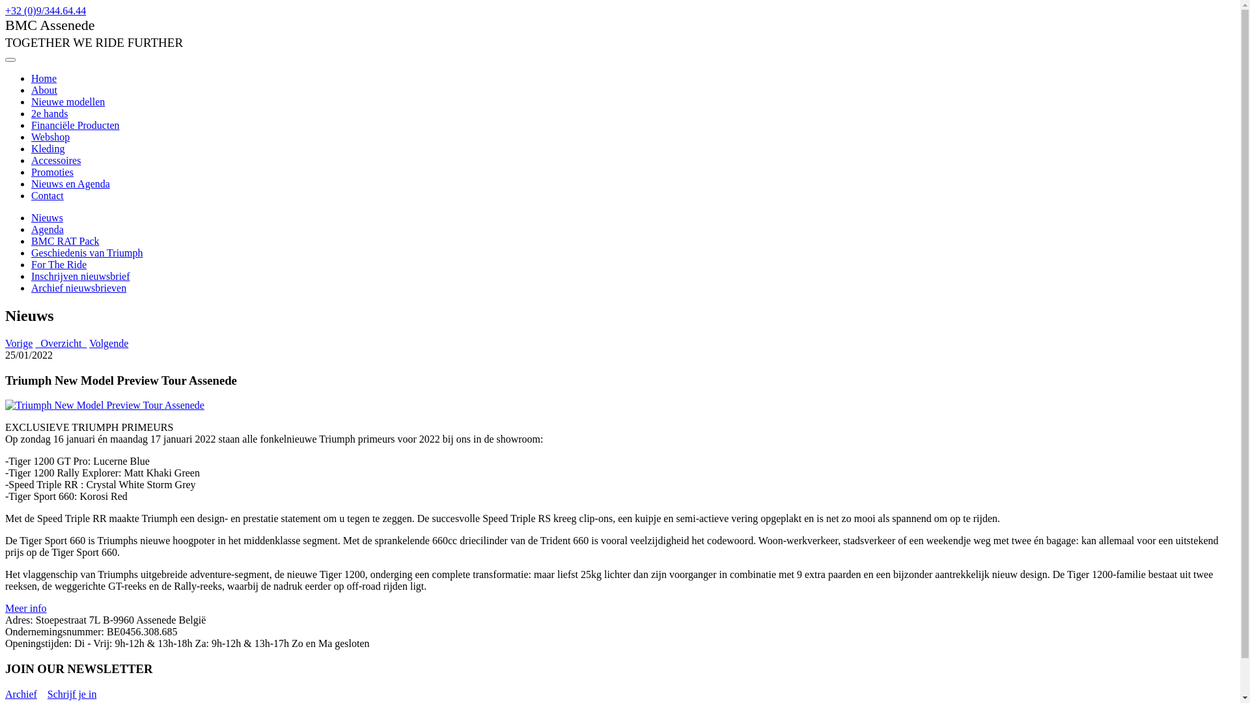  Describe the element at coordinates (77, 287) in the screenshot. I see `'Archief nieuwsbrieven'` at that location.